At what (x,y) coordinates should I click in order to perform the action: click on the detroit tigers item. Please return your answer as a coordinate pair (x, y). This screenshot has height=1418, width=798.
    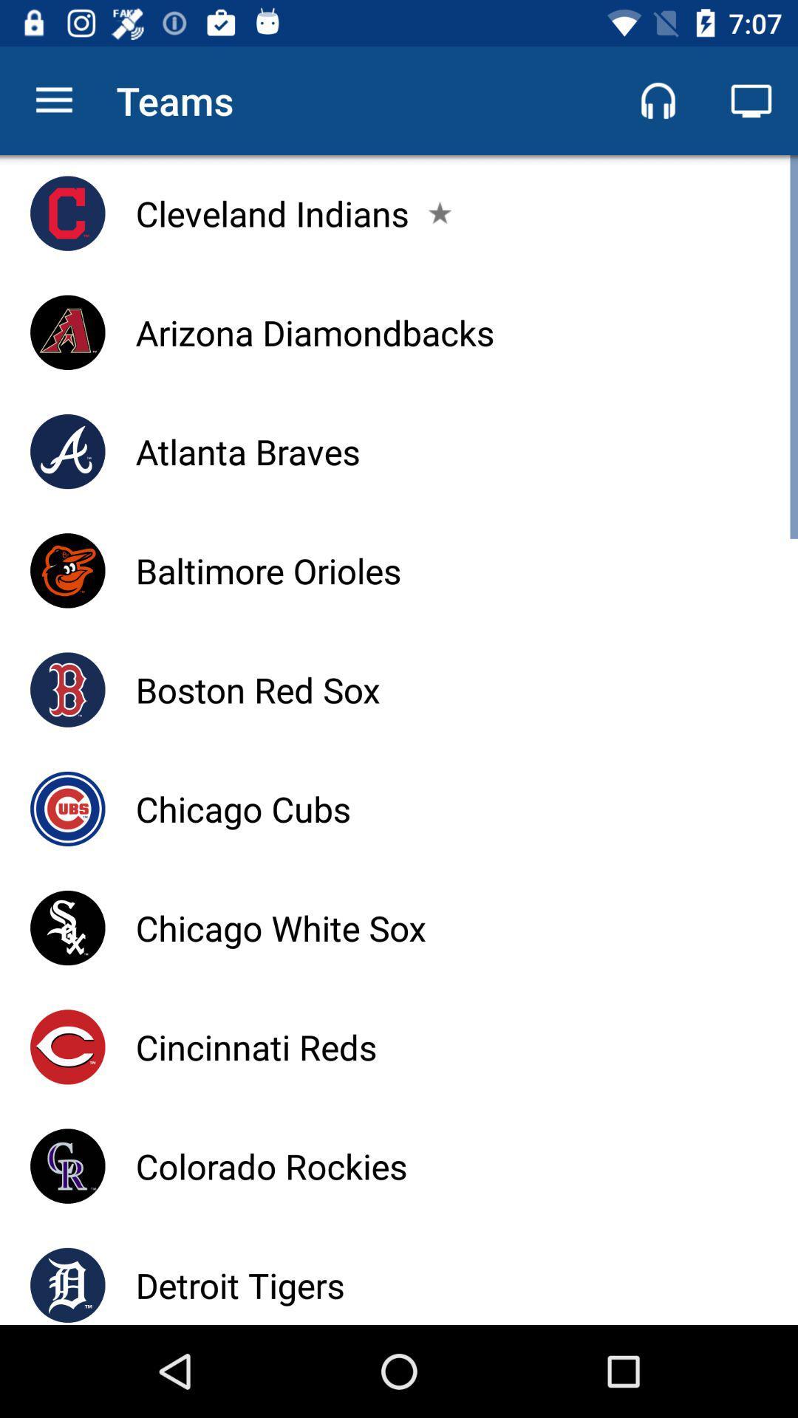
    Looking at the image, I should click on (239, 1284).